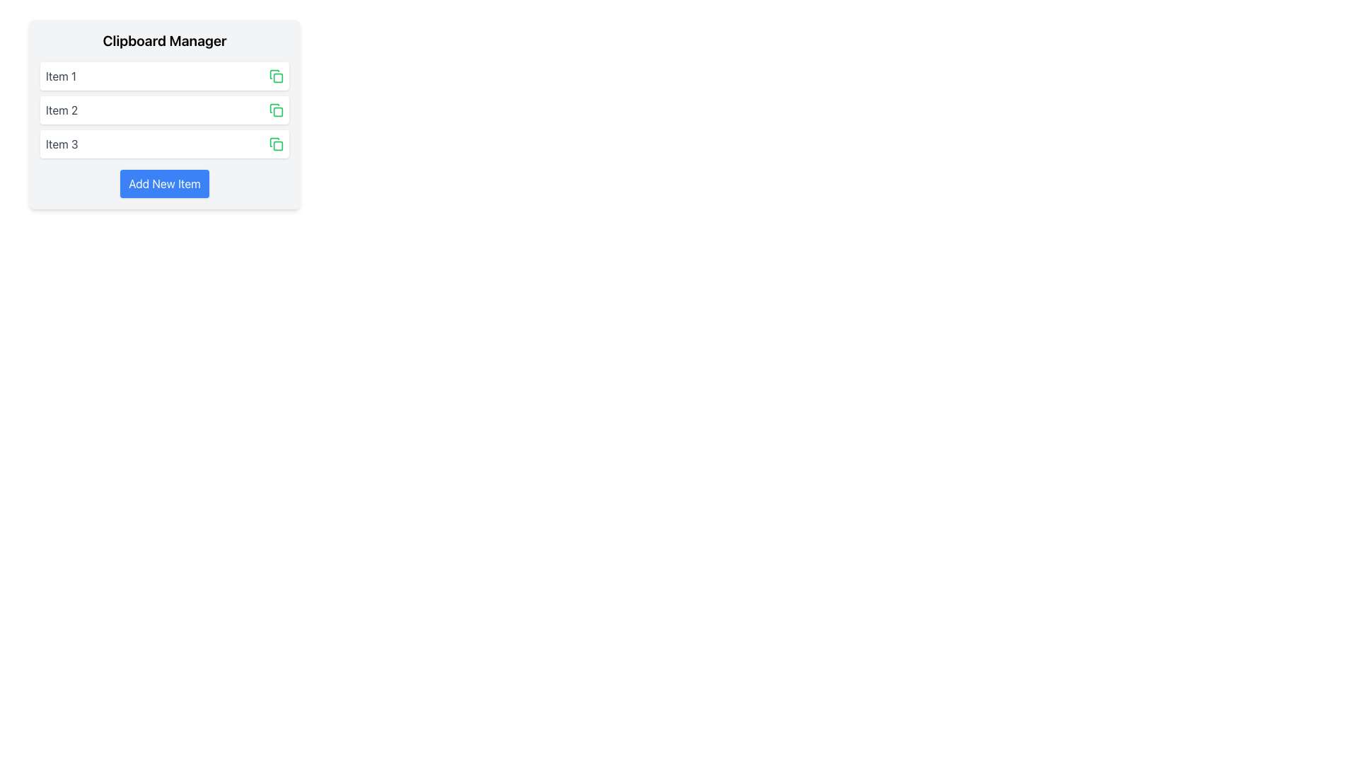 This screenshot has height=764, width=1358. Describe the element at coordinates (61, 144) in the screenshot. I see `the text label displaying 'Item 3' in dark gray font, which is part of a vertical list and positioned to the left of the green copy icon button` at that location.